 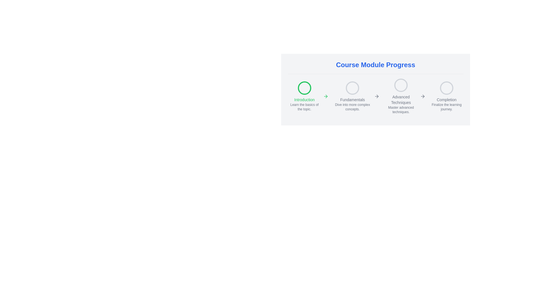 What do you see at coordinates (423, 96) in the screenshot?
I see `the arrow icon that symbolizes advancement or navigation to the next module, located to the right of the text 'Advanced Techniques'` at bounding box center [423, 96].